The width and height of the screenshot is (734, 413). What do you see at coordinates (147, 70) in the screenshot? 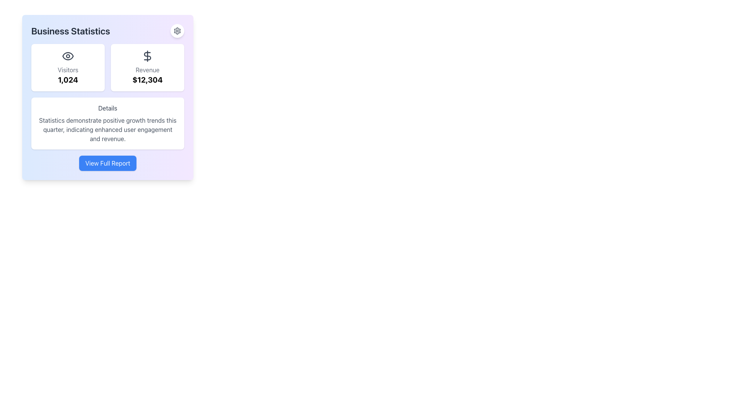
I see `the static text label that clarifies the financial metric displayed below it, located in the second card column of the 'Business Statistics' card layout, positioned fourth among its siblings, above the '$12,304' text` at bounding box center [147, 70].